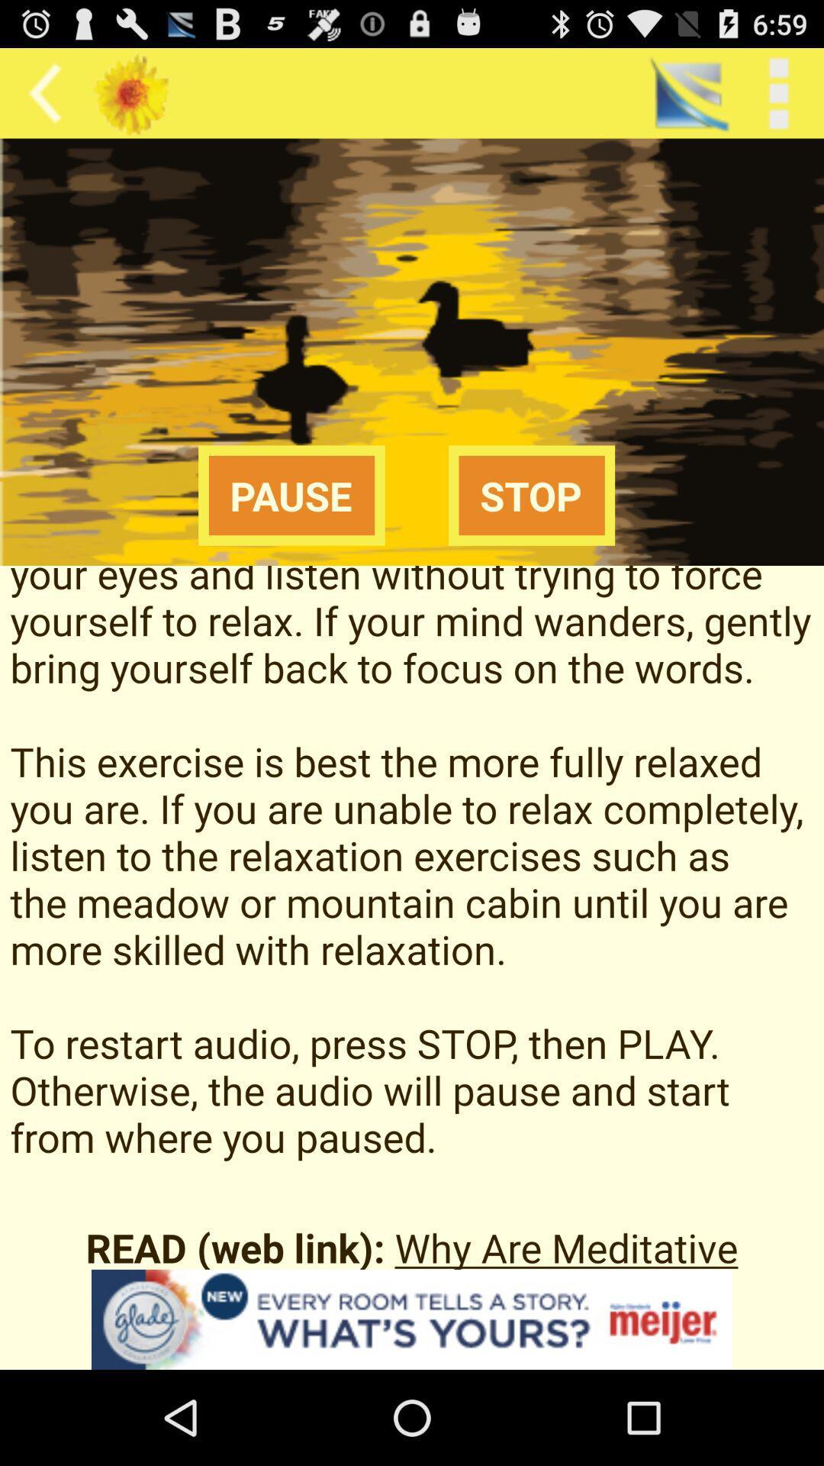 Image resolution: width=824 pixels, height=1466 pixels. What do you see at coordinates (412, 1319) in the screenshot?
I see `open the advertisement` at bounding box center [412, 1319].